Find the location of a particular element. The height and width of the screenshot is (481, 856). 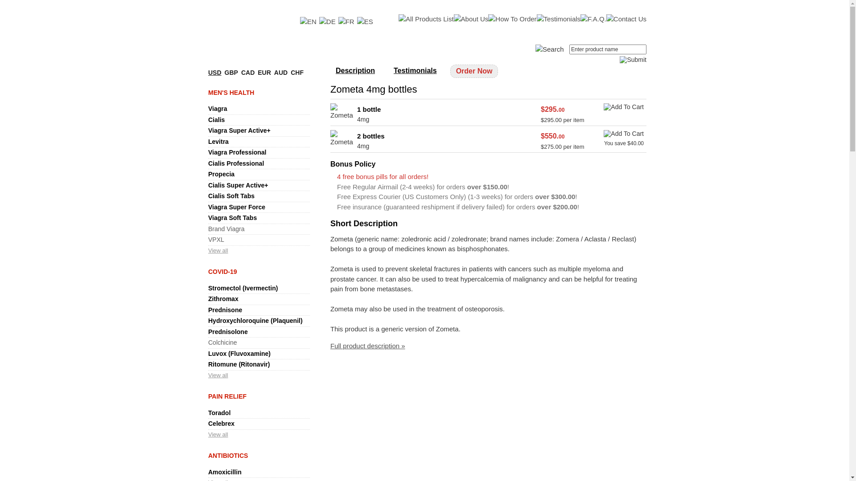

'Hydroxychloroquine (Plaquenil)' is located at coordinates (207, 321).